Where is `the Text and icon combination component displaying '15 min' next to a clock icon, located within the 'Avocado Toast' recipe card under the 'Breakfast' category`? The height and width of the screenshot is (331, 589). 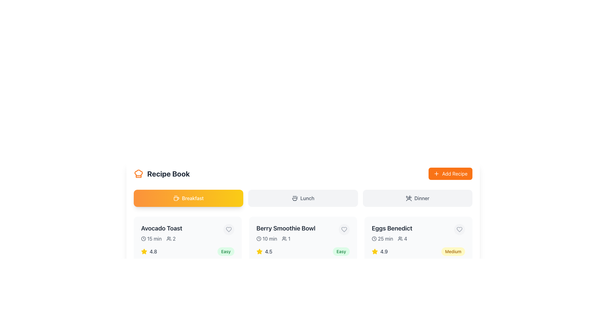 the Text and icon combination component displaying '15 min' next to a clock icon, located within the 'Avocado Toast' recipe card under the 'Breakfast' category is located at coordinates (151, 238).